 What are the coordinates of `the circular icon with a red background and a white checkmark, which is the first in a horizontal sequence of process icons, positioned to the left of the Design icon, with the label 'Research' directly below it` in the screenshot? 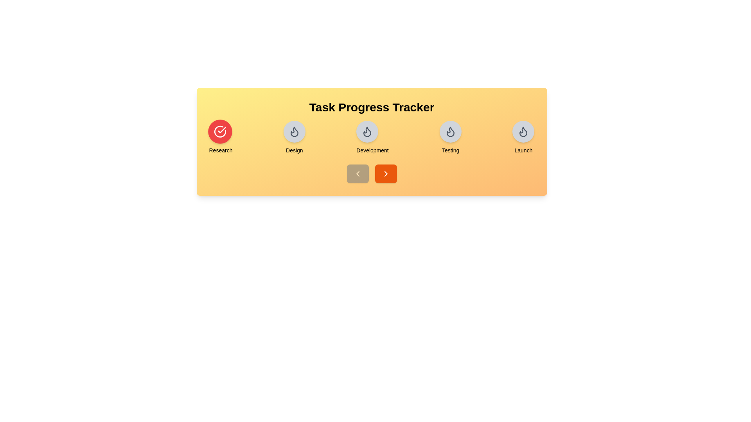 It's located at (219, 131).